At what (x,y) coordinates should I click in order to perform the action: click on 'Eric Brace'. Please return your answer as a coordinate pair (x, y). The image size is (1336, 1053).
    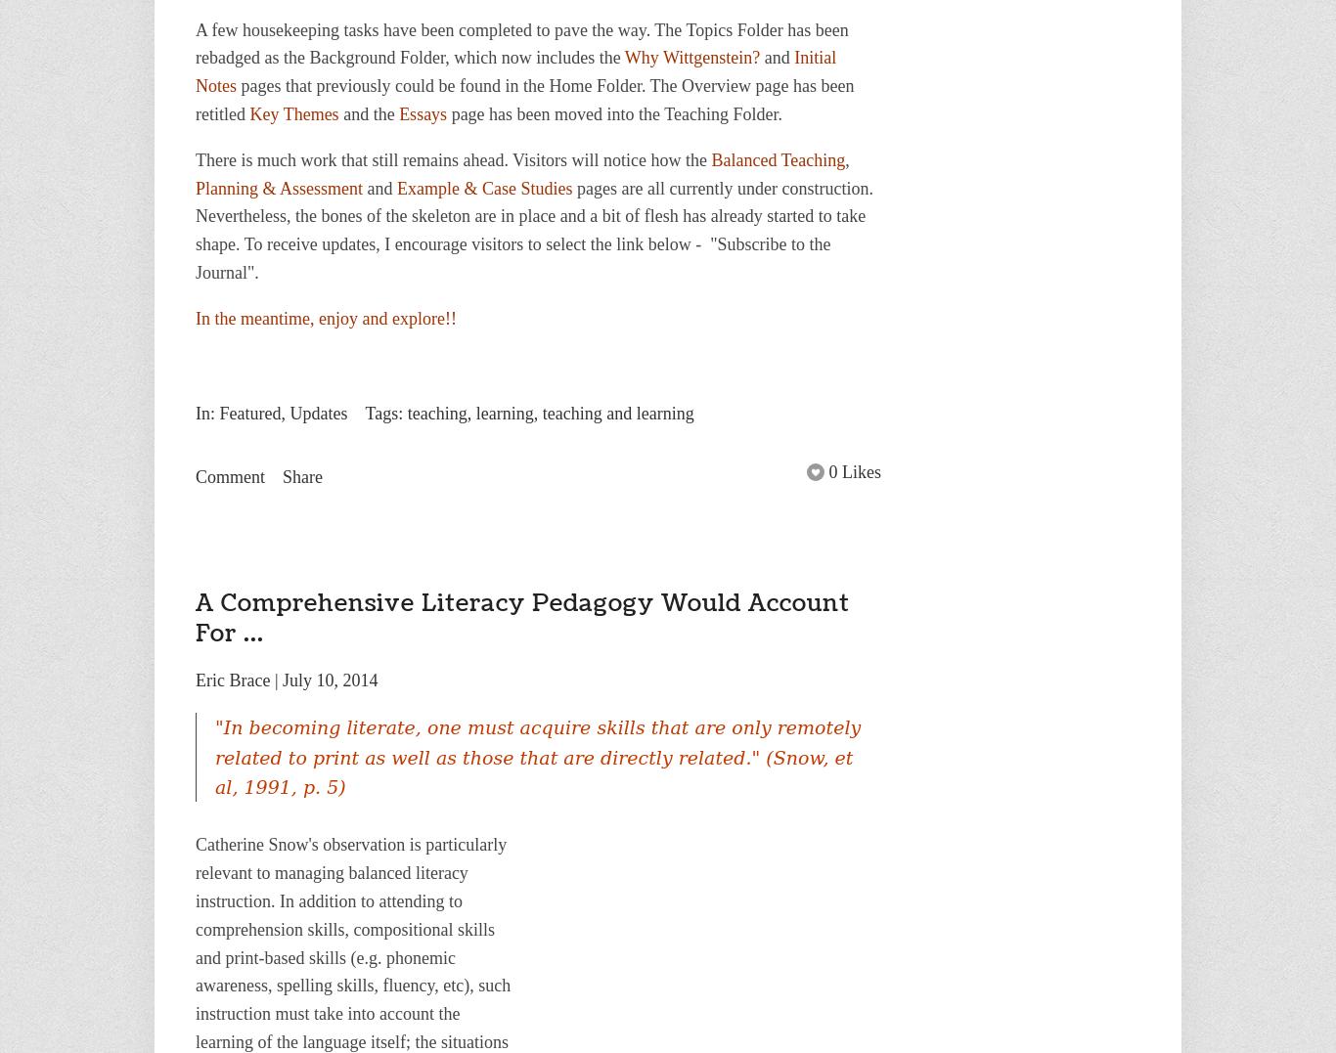
    Looking at the image, I should click on (194, 679).